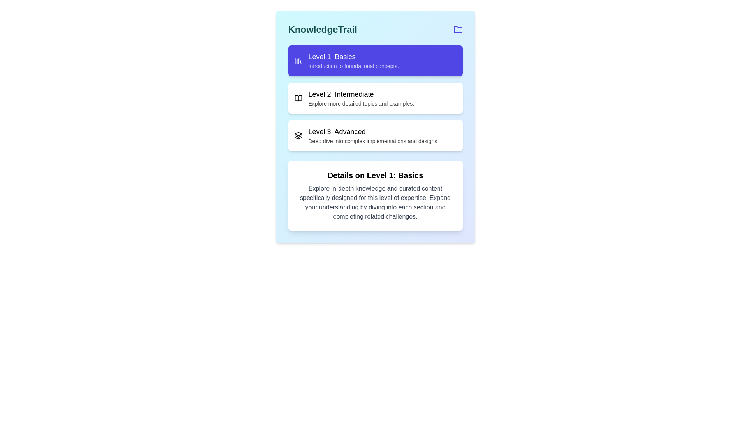 The height and width of the screenshot is (421, 748). Describe the element at coordinates (375, 97) in the screenshot. I see `the 'Level 2: Intermediate' button, which has a white background and rounded corners` at that location.